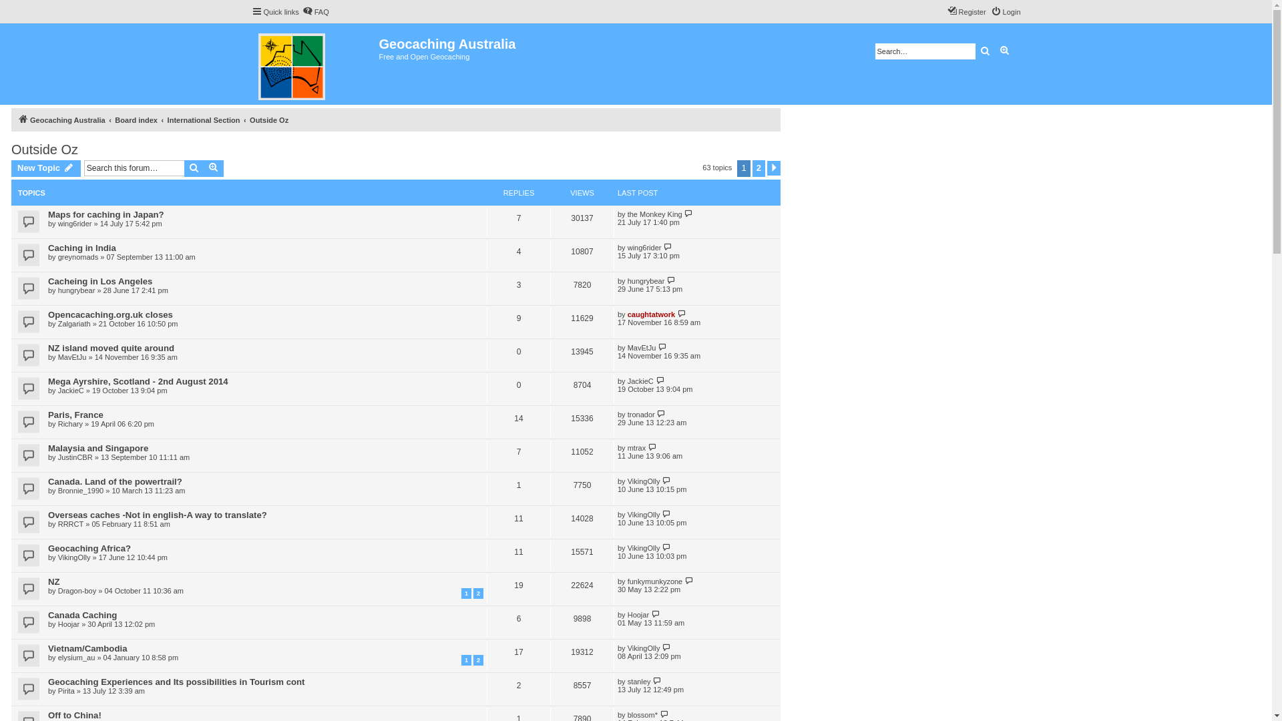 The width and height of the screenshot is (1282, 721). What do you see at coordinates (655, 581) in the screenshot?
I see `'funkymunkyzone'` at bounding box center [655, 581].